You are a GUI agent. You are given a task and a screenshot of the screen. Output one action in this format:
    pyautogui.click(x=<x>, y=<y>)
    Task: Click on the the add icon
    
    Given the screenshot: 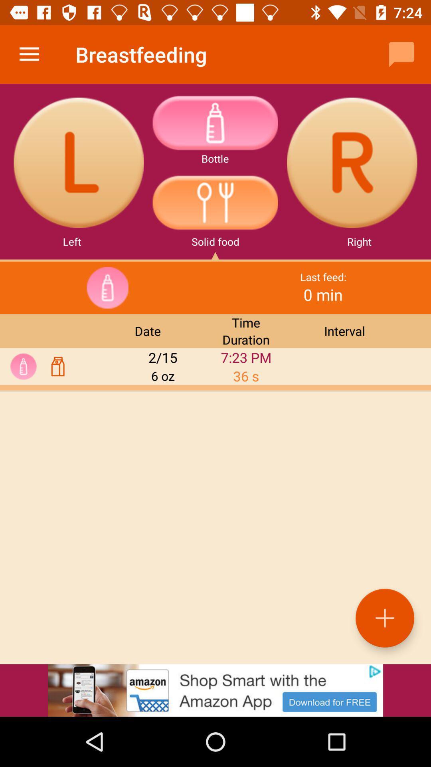 What is the action you would take?
    pyautogui.click(x=384, y=618)
    